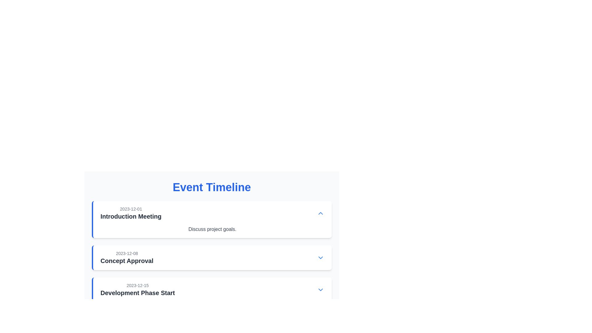 Image resolution: width=592 pixels, height=333 pixels. What do you see at coordinates (130, 209) in the screenshot?
I see `the text label displaying the date for the 'Introduction Meeting' event, positioned above the event title on the left side of the timeline UI` at bounding box center [130, 209].